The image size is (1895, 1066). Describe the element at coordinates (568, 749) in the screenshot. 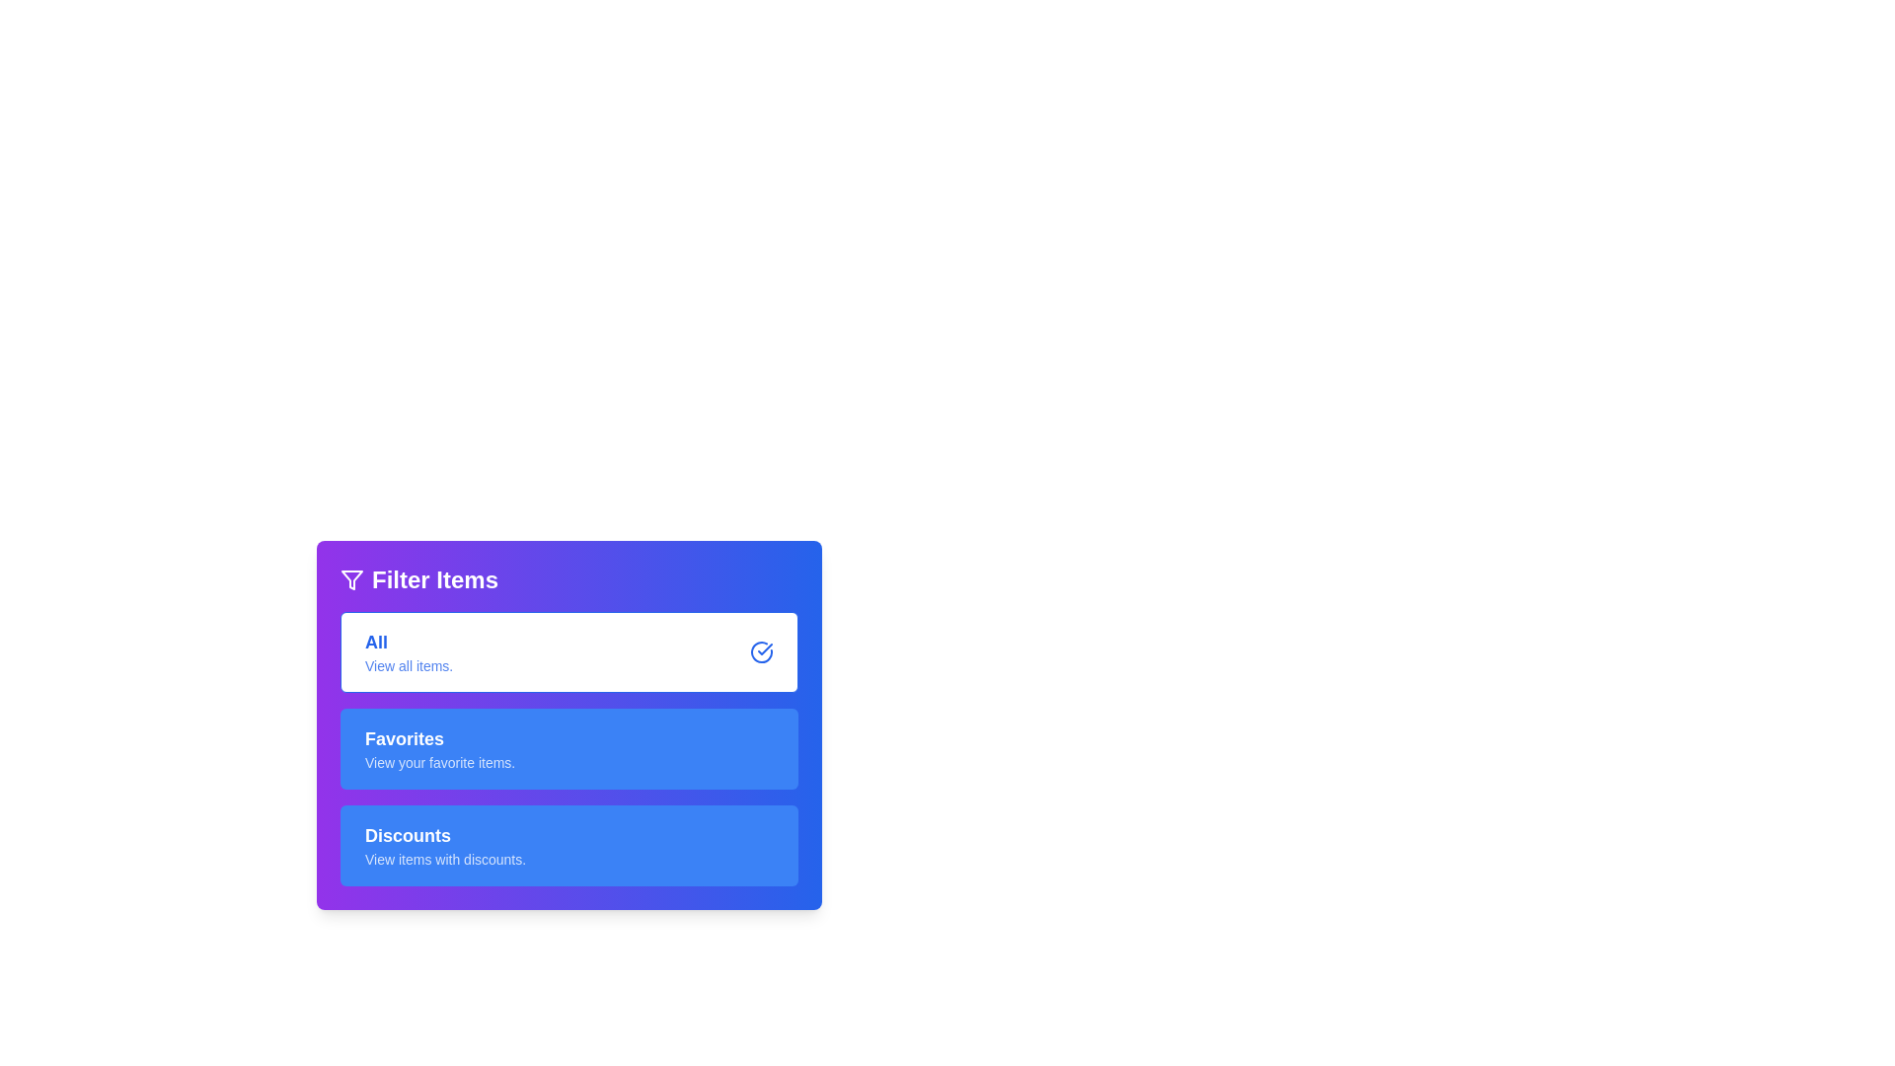

I see `the 'Favorites' filter button, which is the second button in the vertical list of three buttons labeled 'Filter Items'` at that location.